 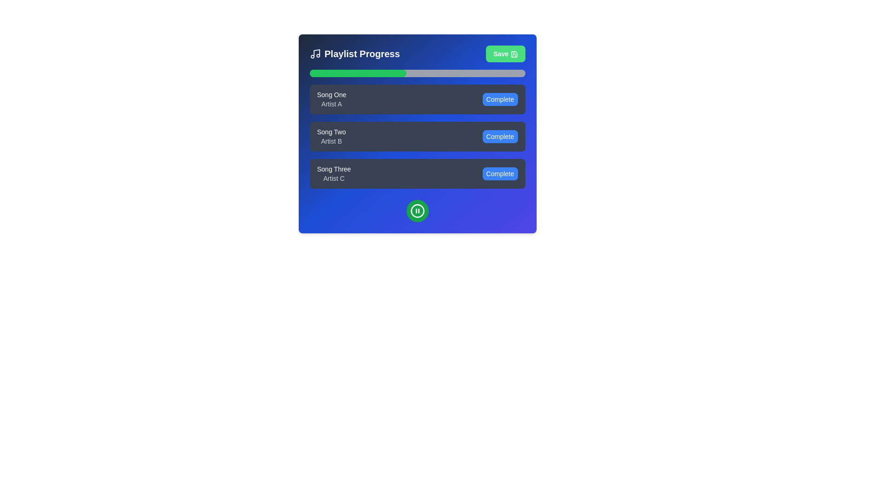 What do you see at coordinates (417, 211) in the screenshot?
I see `the green circular button with a white border and pause symbol at the bottom center of the playlist progress interface` at bounding box center [417, 211].